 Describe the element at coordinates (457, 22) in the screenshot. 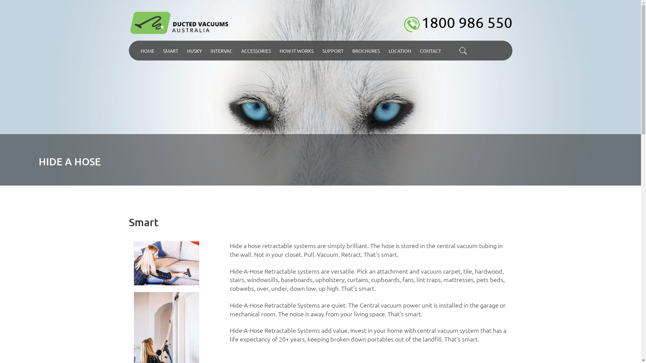

I see `'1800 986 550'` at that location.